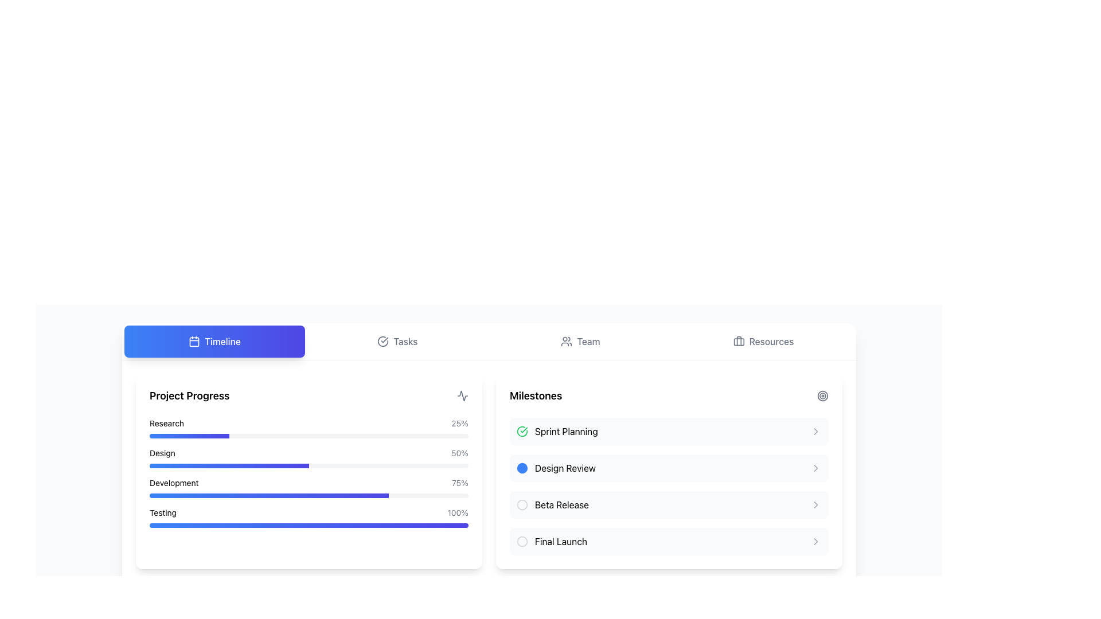 The height and width of the screenshot is (619, 1101). I want to click on the briefcase icon located within the 'Resources' button, so click(738, 341).